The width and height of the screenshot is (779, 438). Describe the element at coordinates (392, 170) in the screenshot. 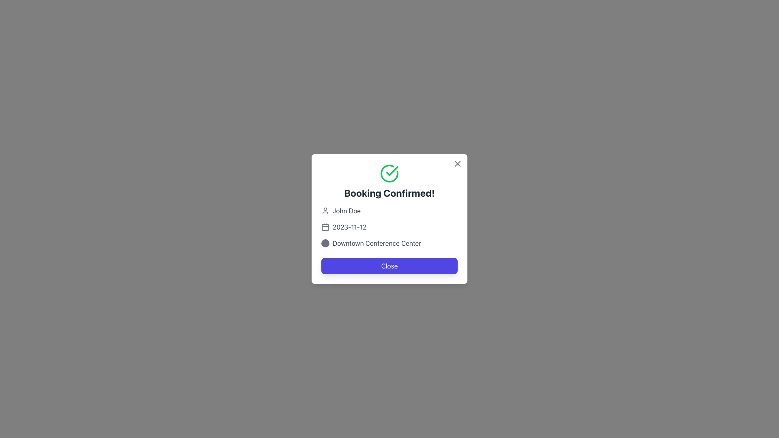

I see `the green checkmark icon located at the top center of the confirmation dialog box` at that location.